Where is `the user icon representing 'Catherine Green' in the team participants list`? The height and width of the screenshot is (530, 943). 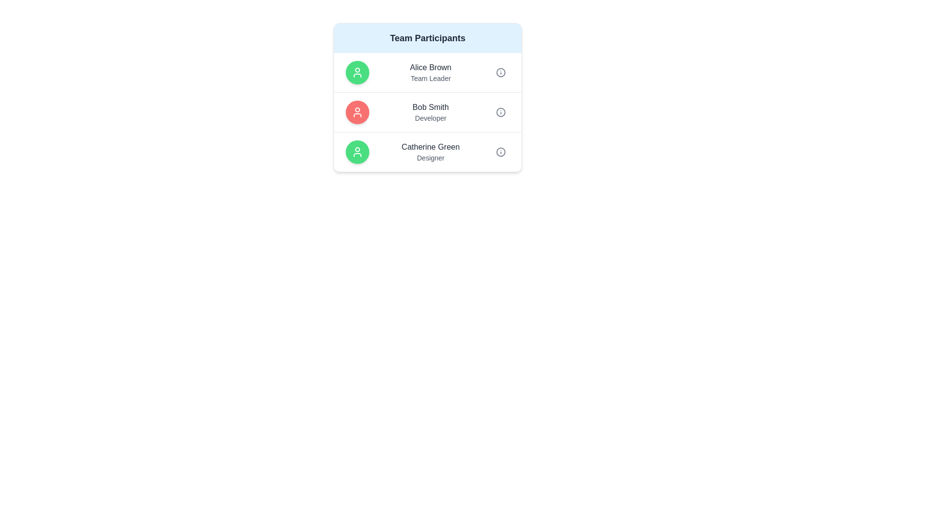
the user icon representing 'Catherine Green' in the team participants list is located at coordinates (357, 152).